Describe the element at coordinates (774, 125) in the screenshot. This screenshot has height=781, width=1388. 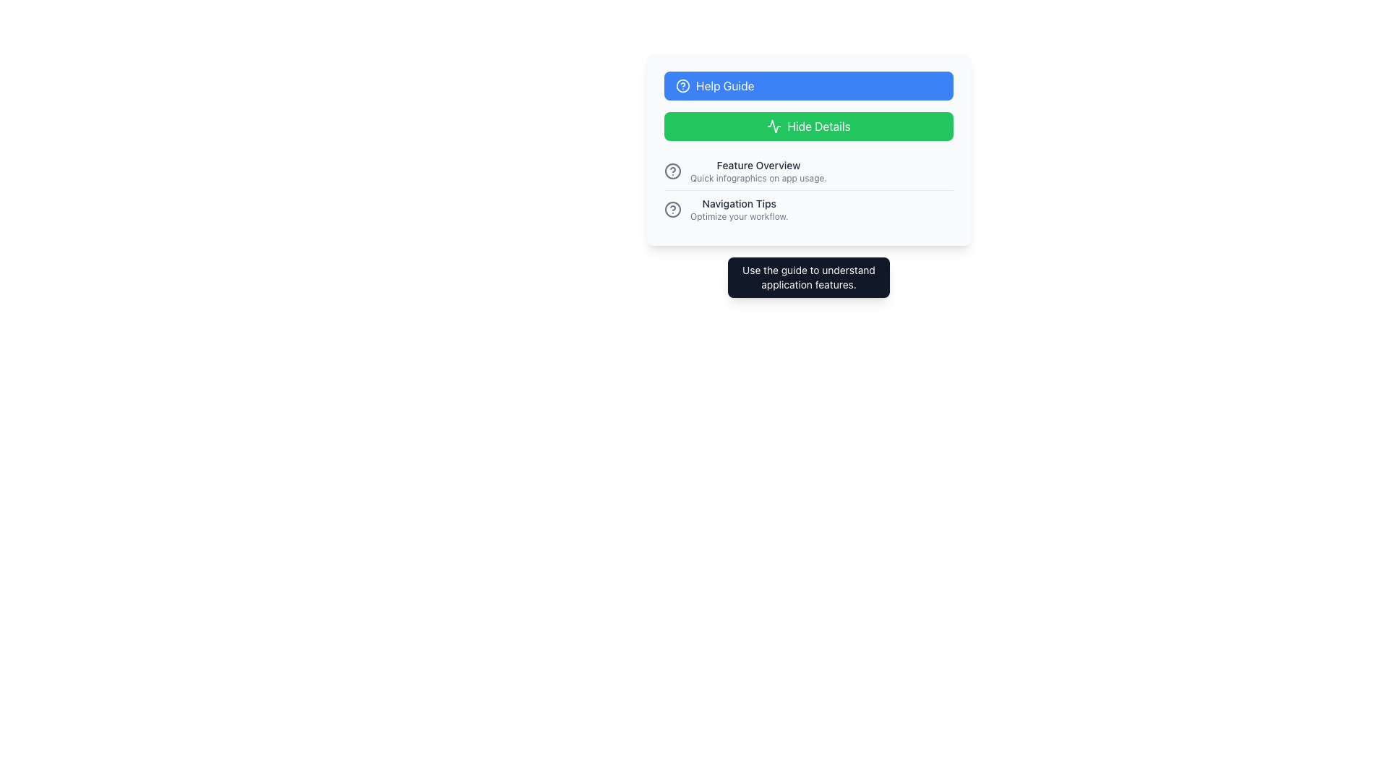
I see `the icon inside the green button labeled 'Hide Details' to conceal or summarize further details` at that location.